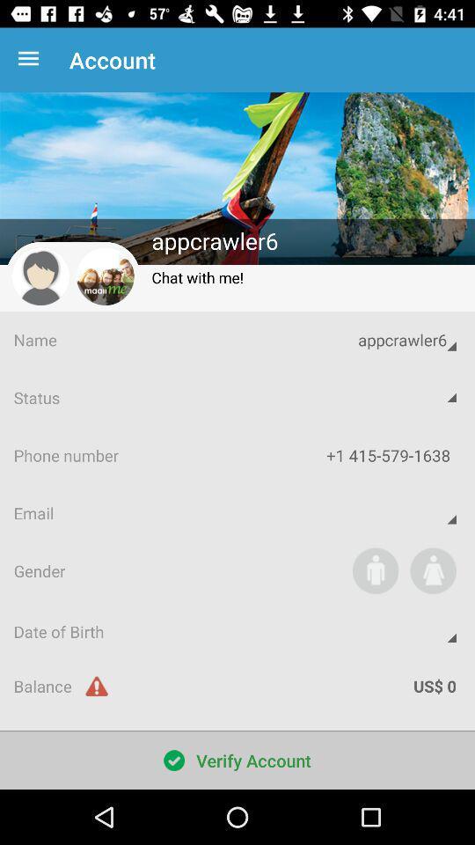  What do you see at coordinates (375, 569) in the screenshot?
I see `app above date of birth app` at bounding box center [375, 569].